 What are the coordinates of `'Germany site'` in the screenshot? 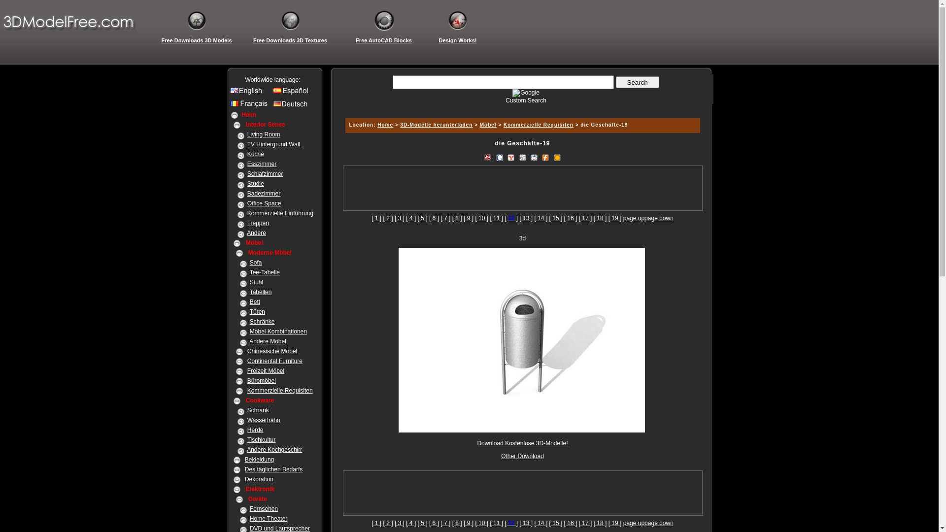 It's located at (292, 106).